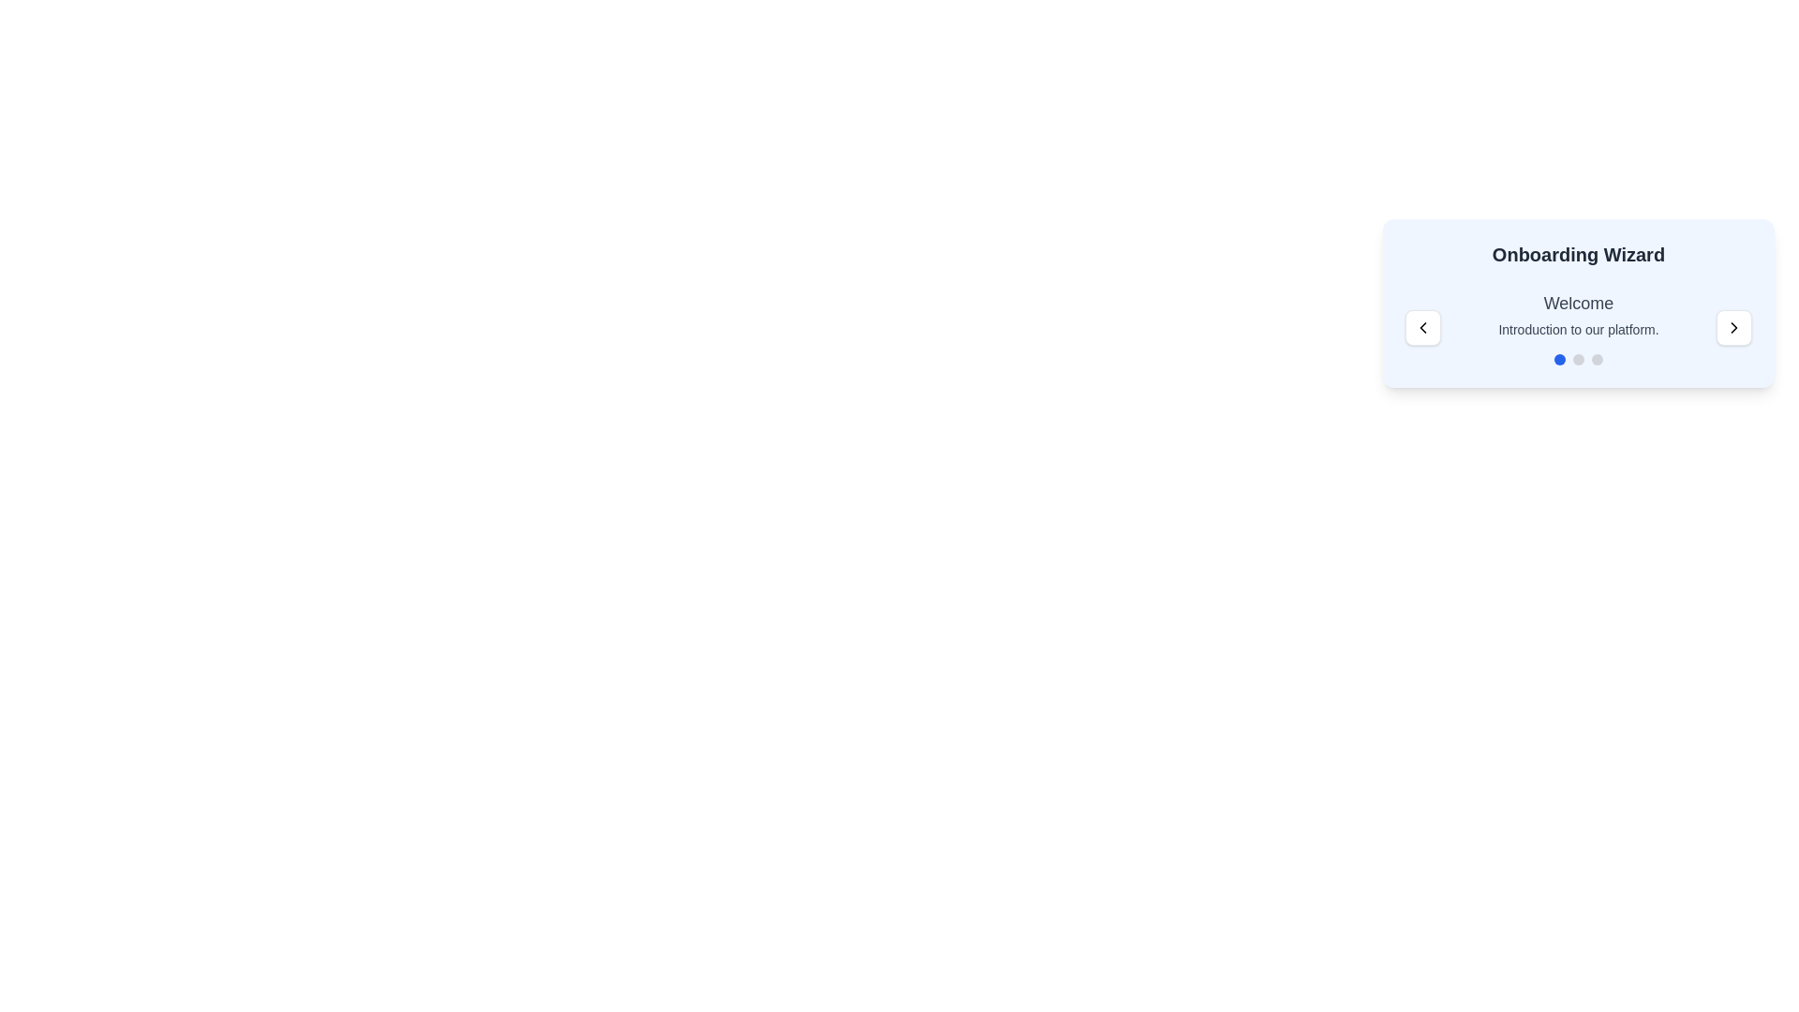 This screenshot has height=1012, width=1799. Describe the element at coordinates (1577, 303) in the screenshot. I see `greeting text displayed at the top of the onboarding interface, which is centrally aligned and serves as a headline for the section` at that location.